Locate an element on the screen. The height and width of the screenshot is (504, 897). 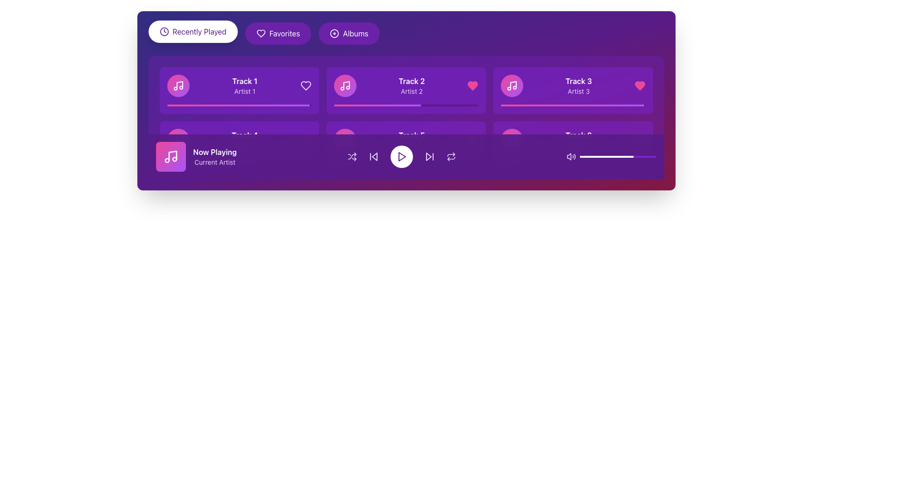
the heart icon button in the top-right corner of 'Track 2' by 'Artist 2' is located at coordinates (473, 86).